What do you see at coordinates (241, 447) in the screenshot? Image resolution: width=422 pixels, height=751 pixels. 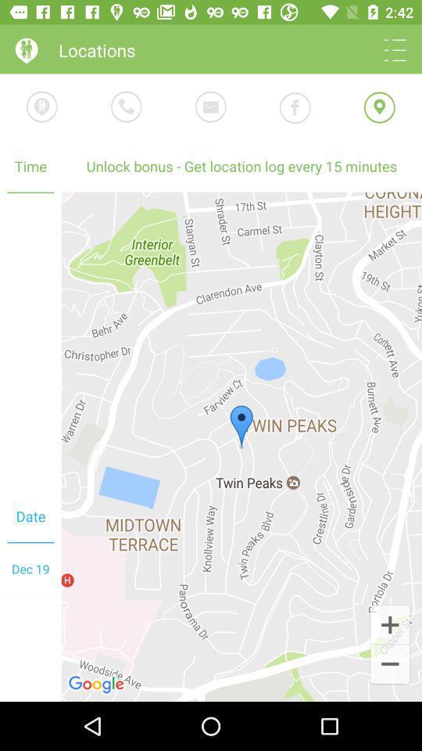 I see `the app to the right of time` at bounding box center [241, 447].